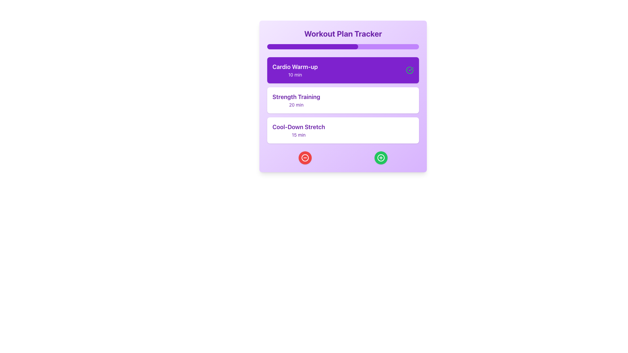 The height and width of the screenshot is (353, 628). I want to click on the second card in the 'Workout Plan Tracker' section, so click(343, 100).